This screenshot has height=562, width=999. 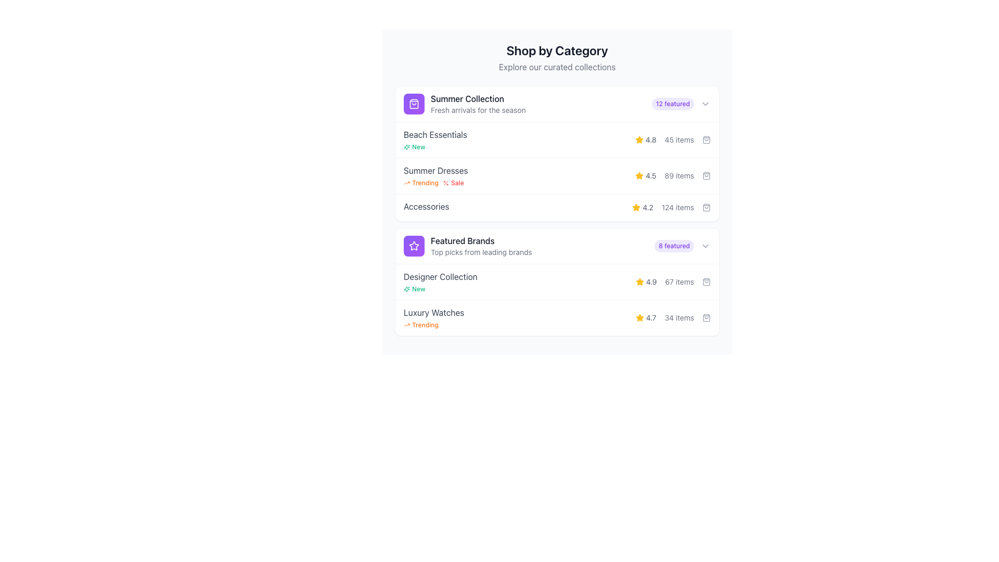 I want to click on the second clickable item in the 'Summer Collection' category list, so click(x=556, y=171).